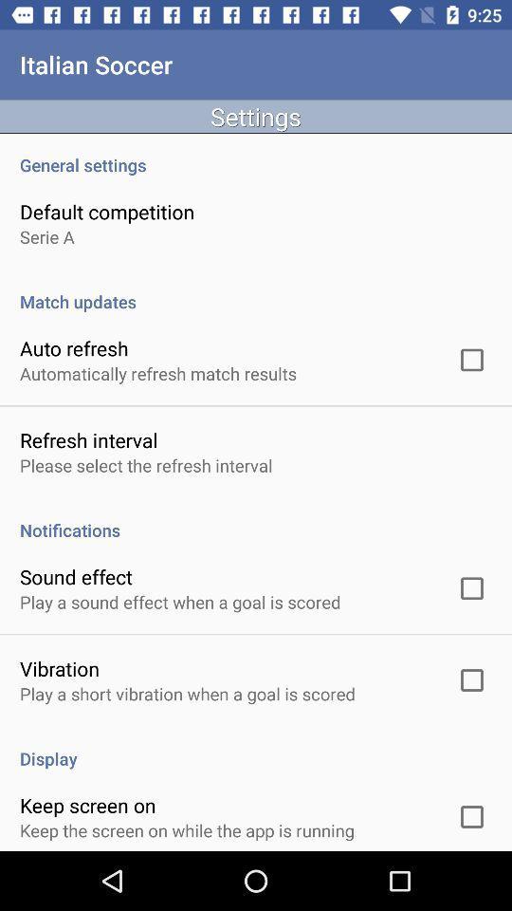 This screenshot has height=911, width=512. I want to click on item below refresh interval item, so click(145, 464).